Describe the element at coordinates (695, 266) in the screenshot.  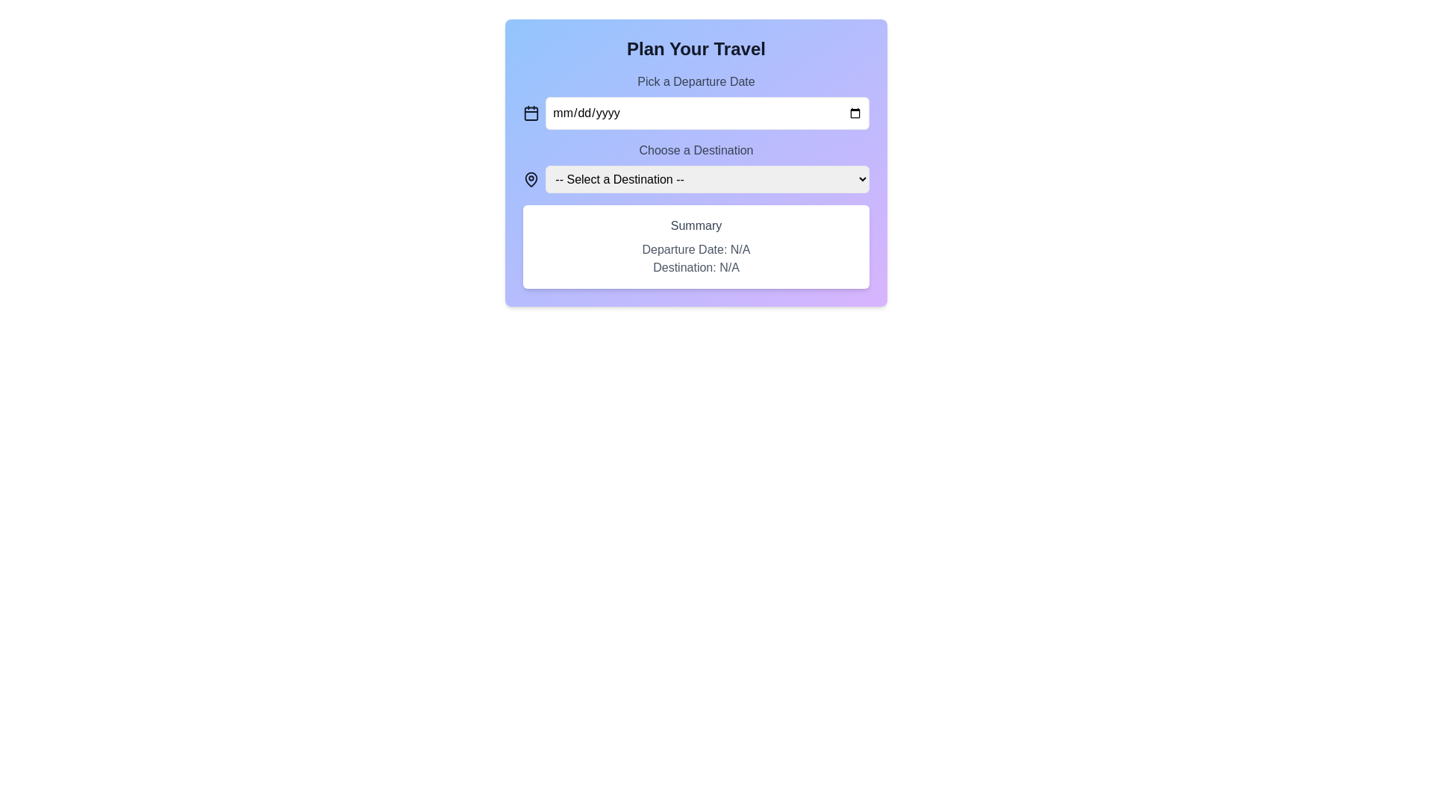
I see `the static text label displaying 'Destination: N/A' which is part of the summary section in a white rounded card` at that location.